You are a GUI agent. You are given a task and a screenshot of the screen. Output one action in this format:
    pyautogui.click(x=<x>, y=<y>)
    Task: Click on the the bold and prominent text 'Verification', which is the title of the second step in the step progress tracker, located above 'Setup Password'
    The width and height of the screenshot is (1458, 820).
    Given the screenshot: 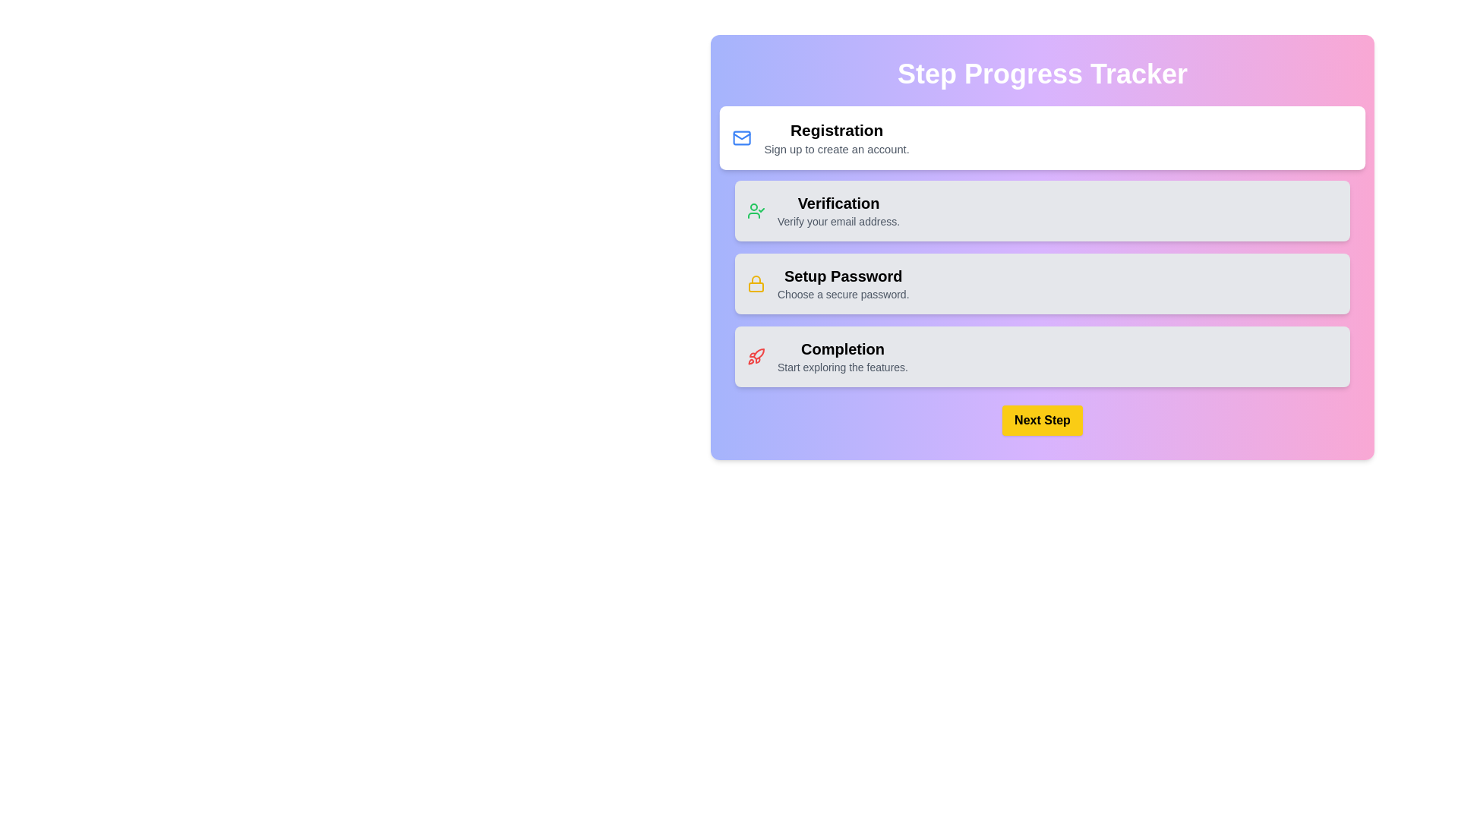 What is the action you would take?
    pyautogui.click(x=838, y=202)
    